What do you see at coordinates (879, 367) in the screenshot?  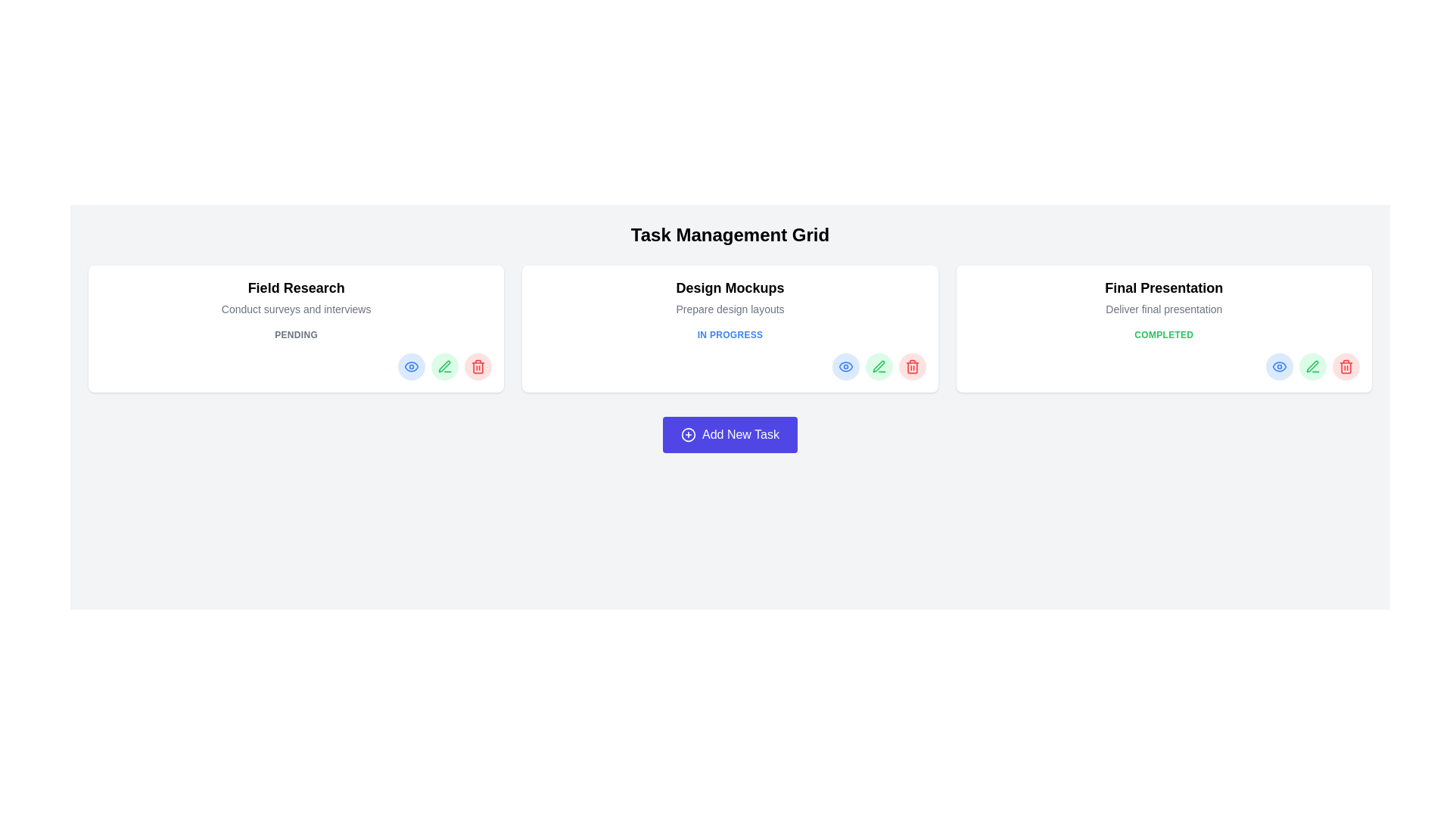 I see `the 'Edit' icon button located within the 'Design Mockups' task card` at bounding box center [879, 367].